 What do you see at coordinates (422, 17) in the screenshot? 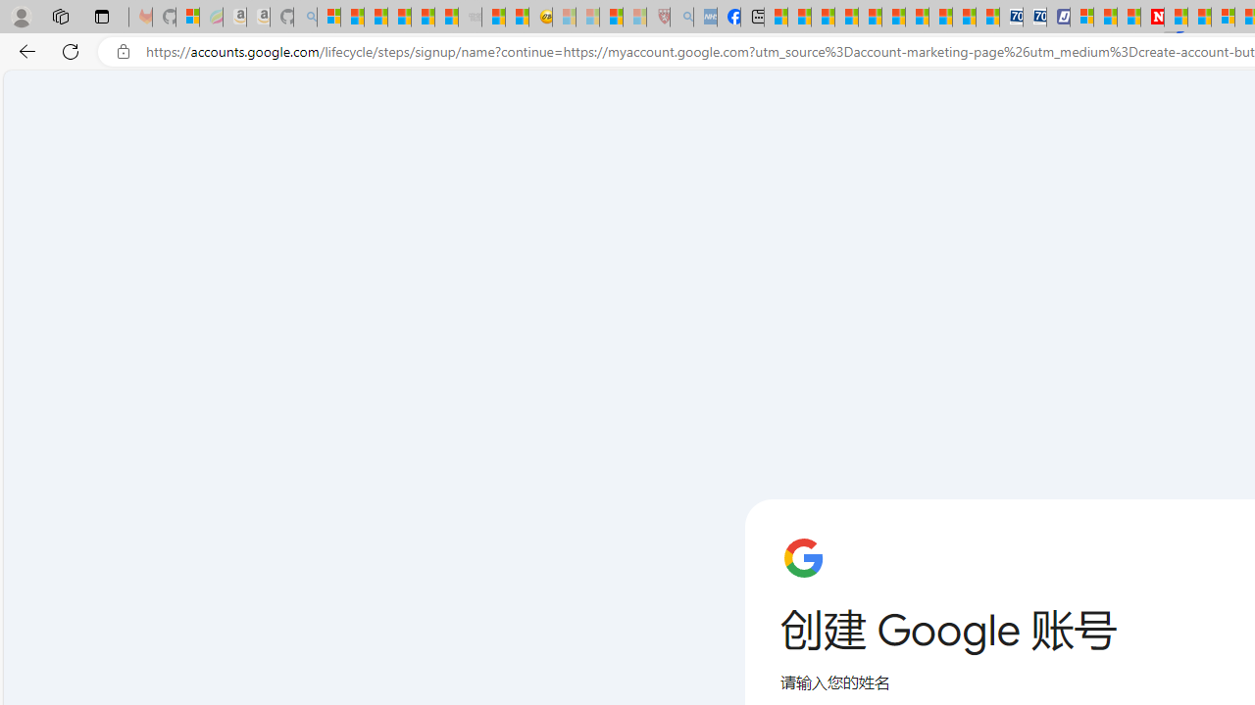
I see `'New Report Confirms 2023 Was Record Hot | Watch'` at bounding box center [422, 17].